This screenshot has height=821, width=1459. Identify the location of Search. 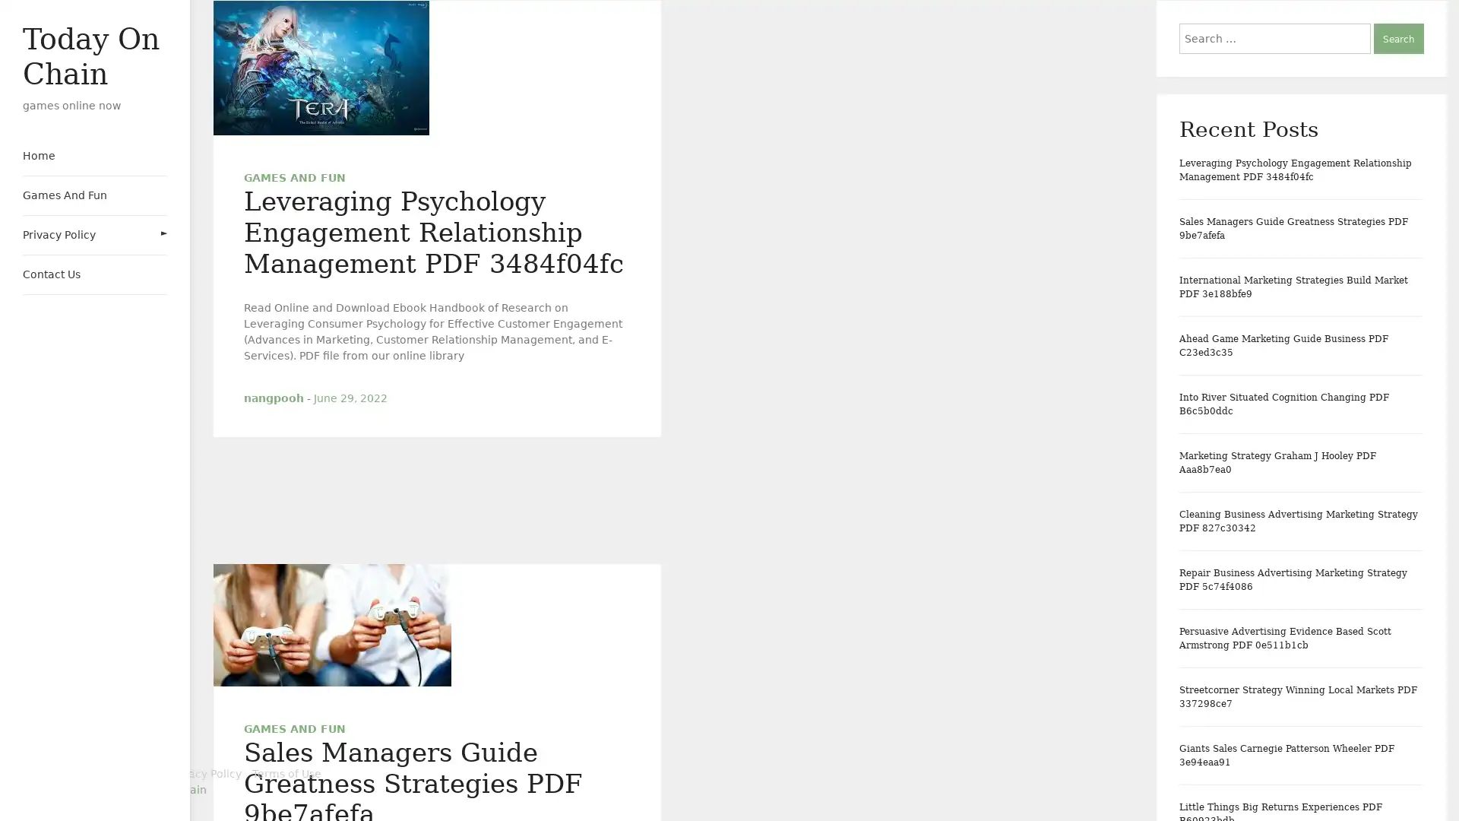
(1398, 37).